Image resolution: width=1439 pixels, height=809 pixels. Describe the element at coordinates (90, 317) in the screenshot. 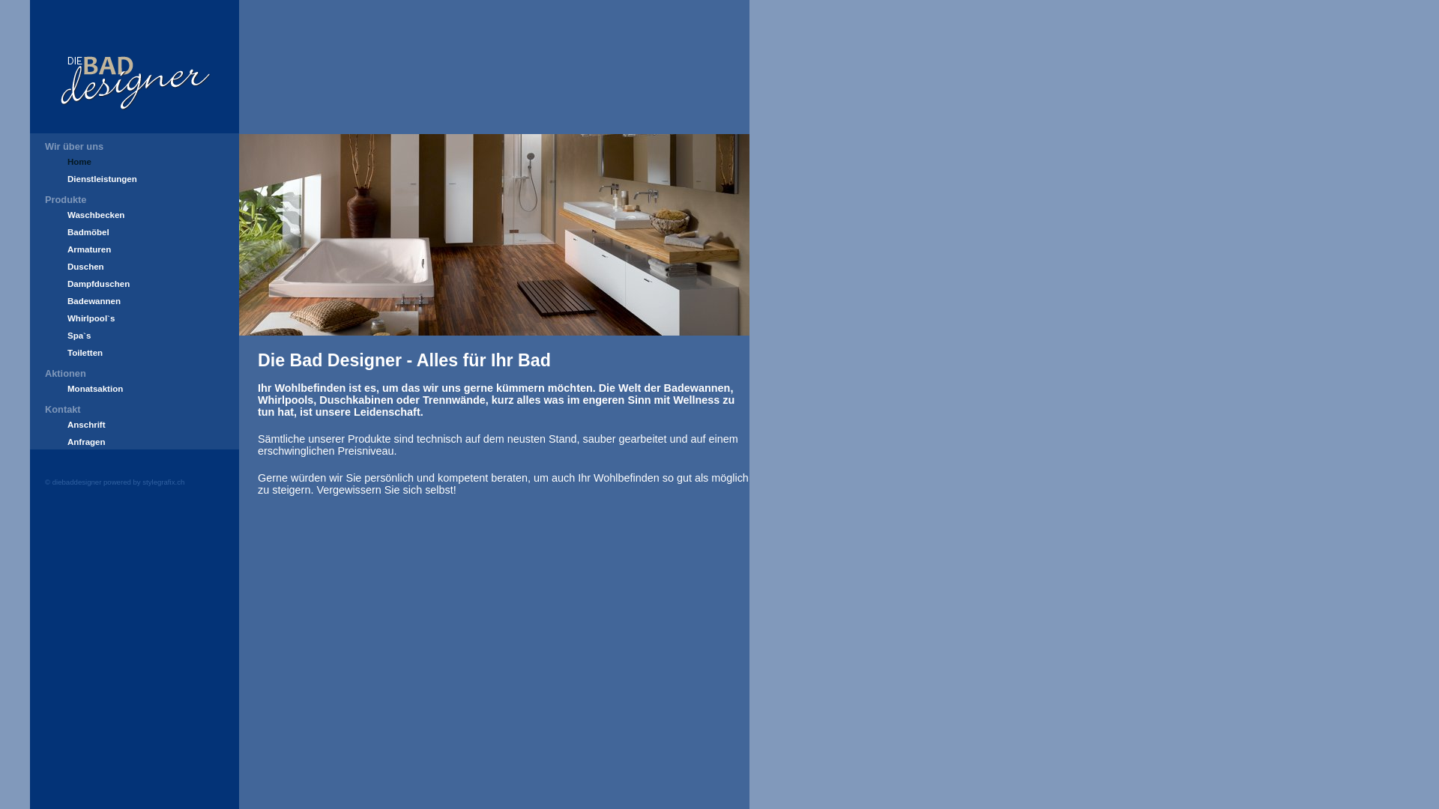

I see `'Whirlpool`s'` at that location.